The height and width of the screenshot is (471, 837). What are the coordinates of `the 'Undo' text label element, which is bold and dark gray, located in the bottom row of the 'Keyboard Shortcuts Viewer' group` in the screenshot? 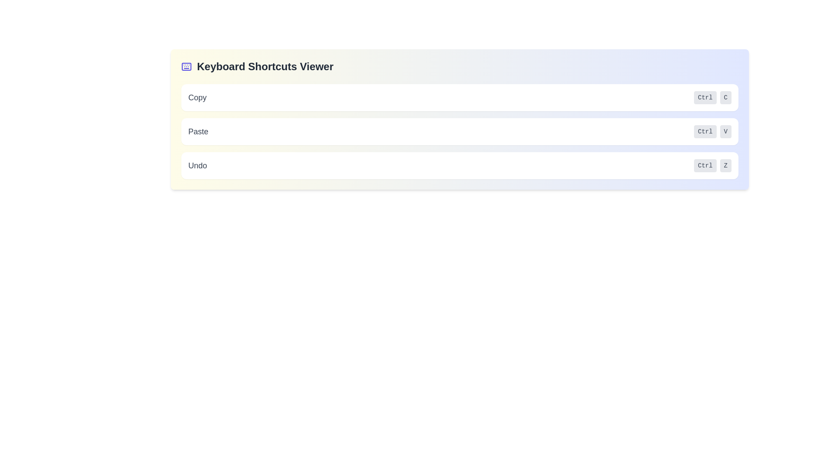 It's located at (197, 166).